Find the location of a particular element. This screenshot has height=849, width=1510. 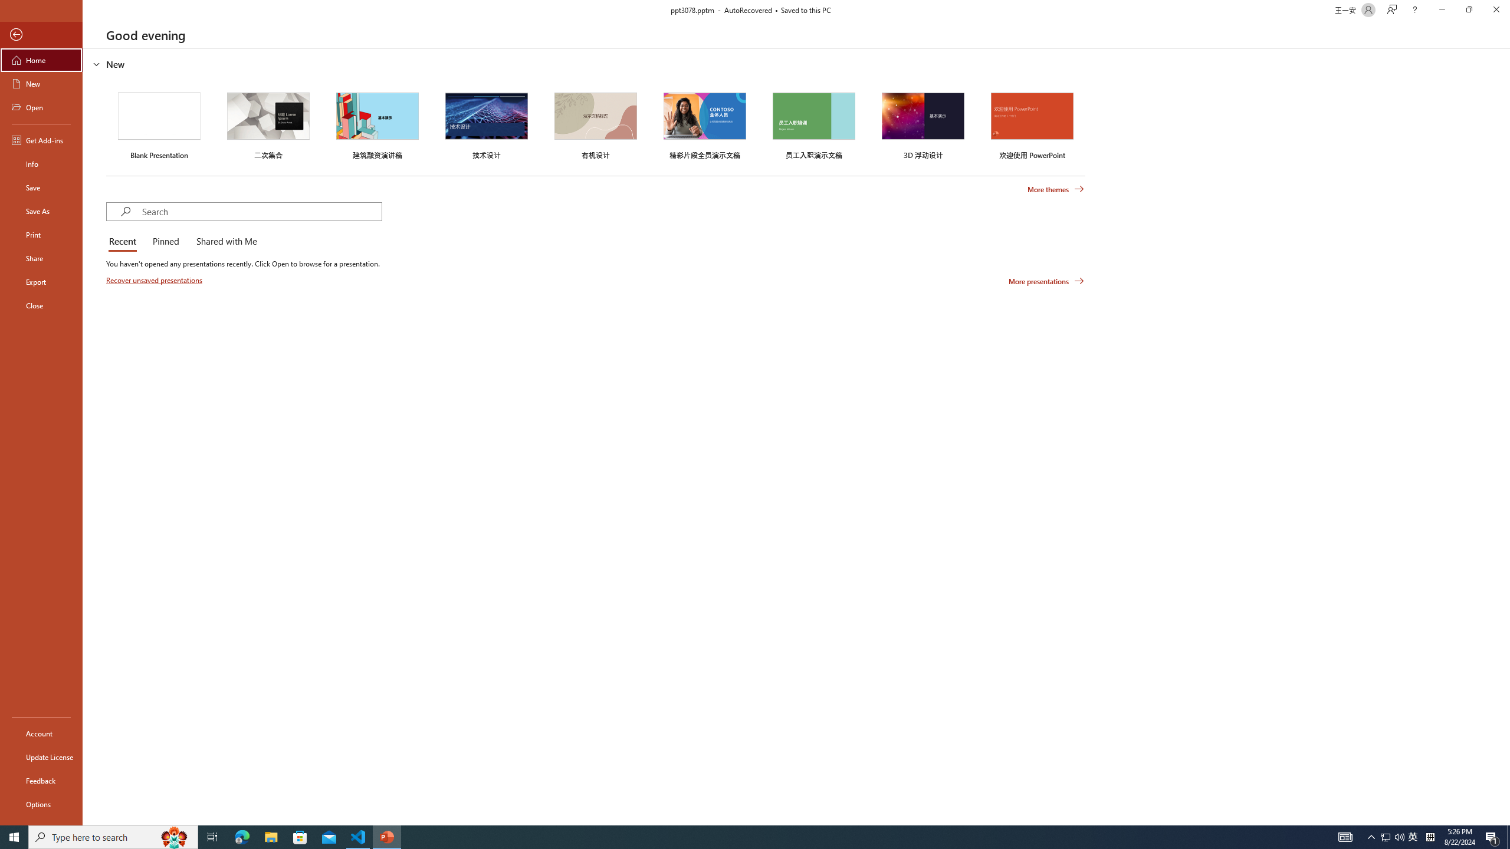

'More themes' is located at coordinates (1055, 189).